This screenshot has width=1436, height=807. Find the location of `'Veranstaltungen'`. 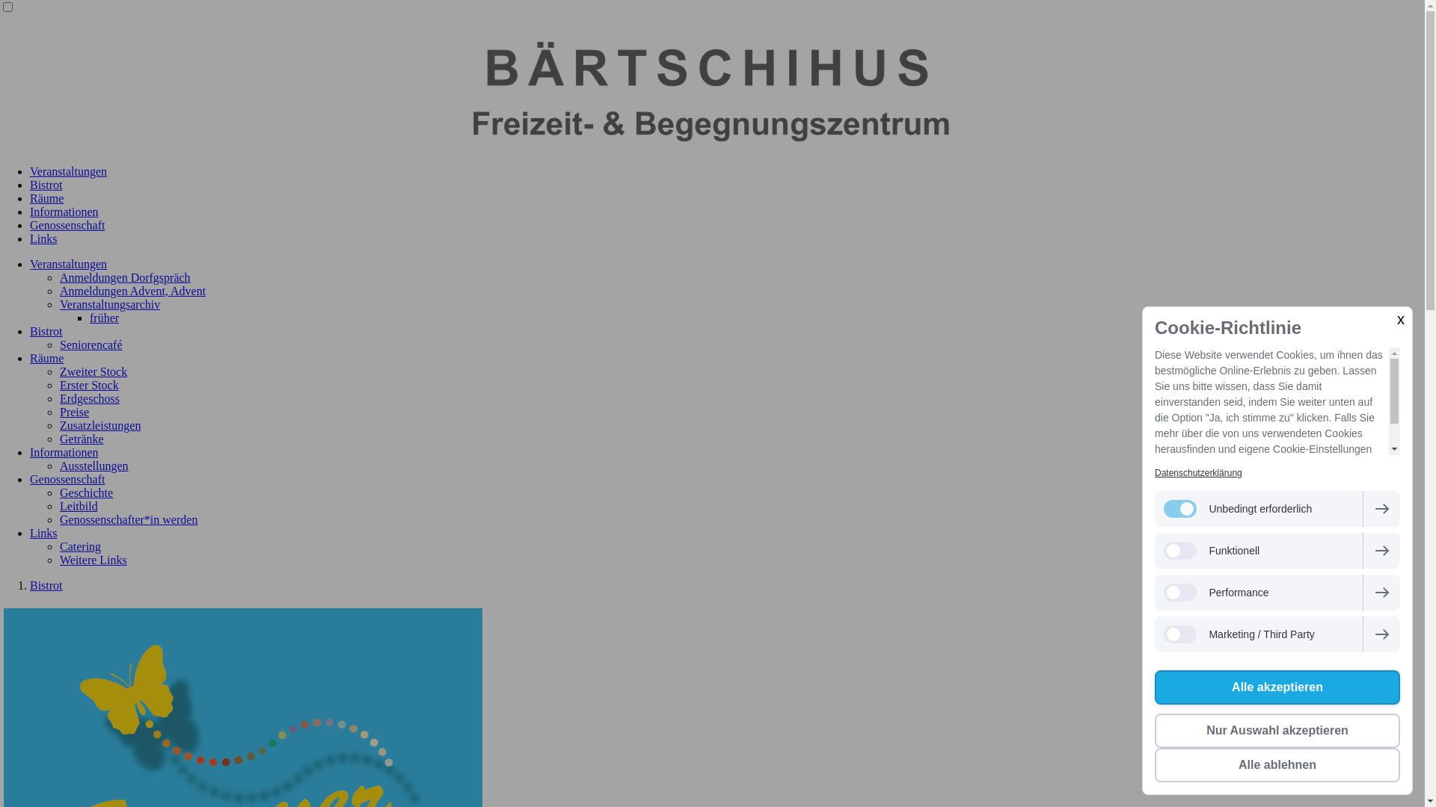

'Veranstaltungen' is located at coordinates (67, 263).